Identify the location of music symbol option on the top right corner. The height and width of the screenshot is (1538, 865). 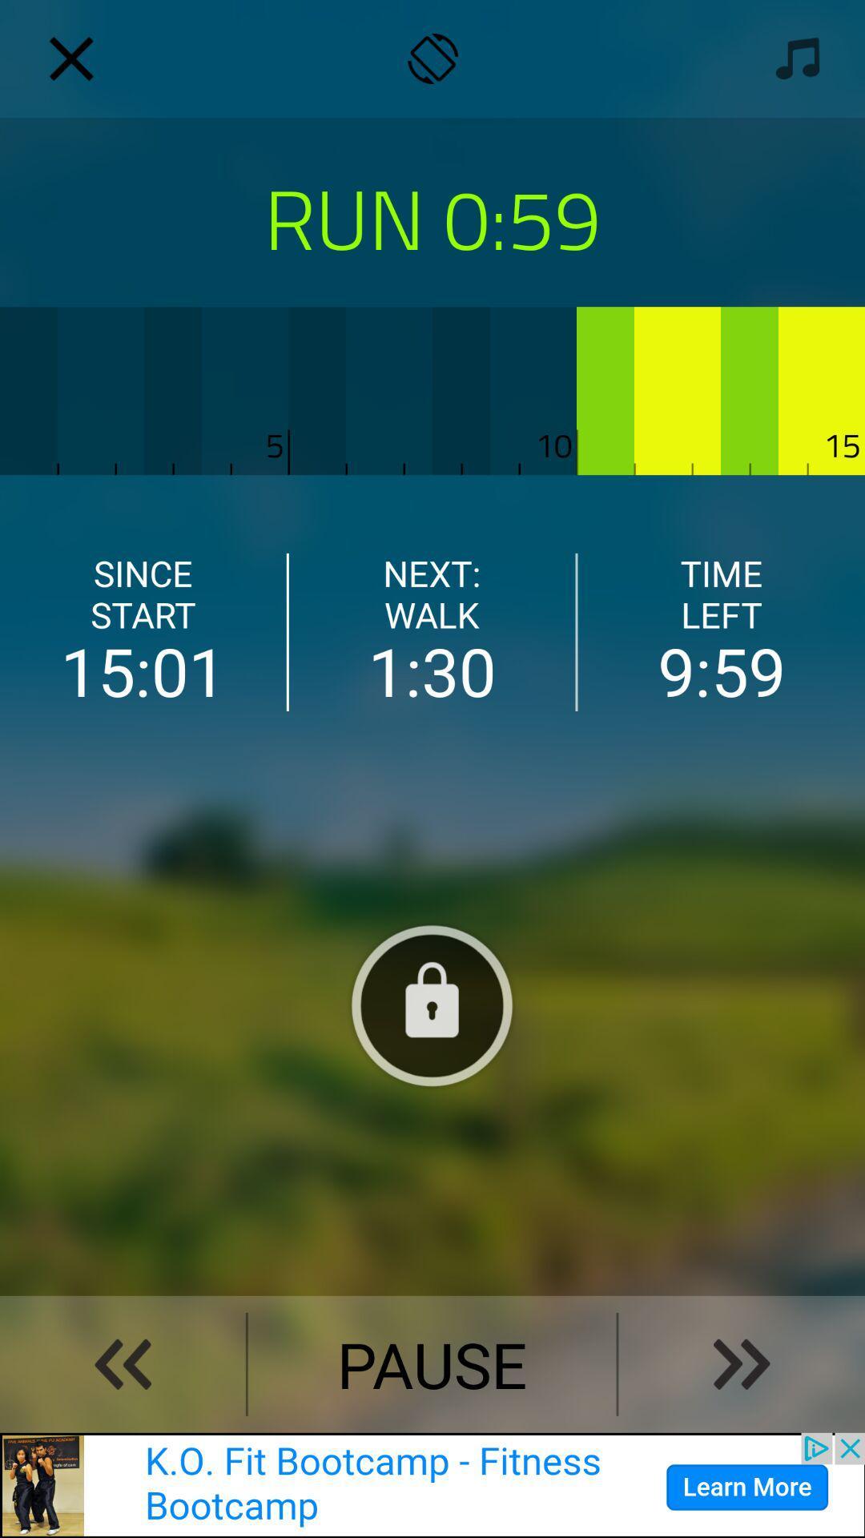
(794, 58).